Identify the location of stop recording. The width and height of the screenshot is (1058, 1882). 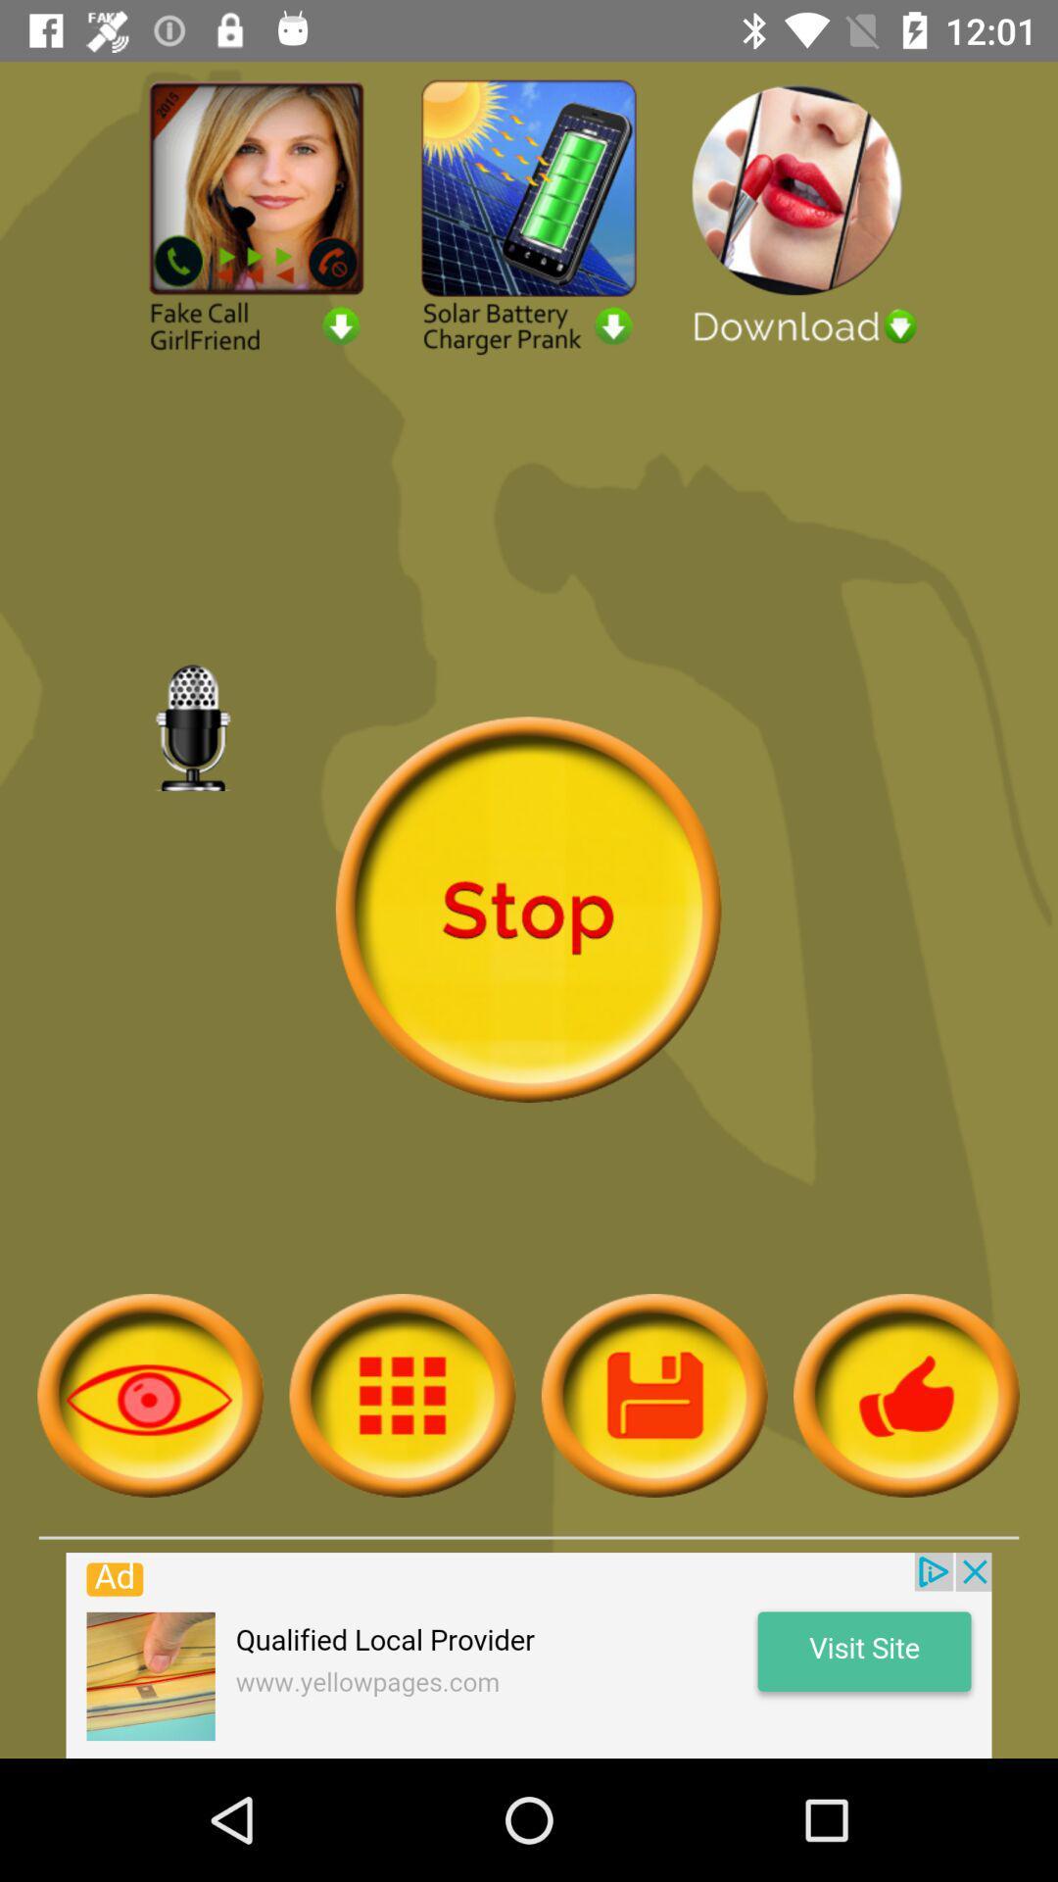
(527, 909).